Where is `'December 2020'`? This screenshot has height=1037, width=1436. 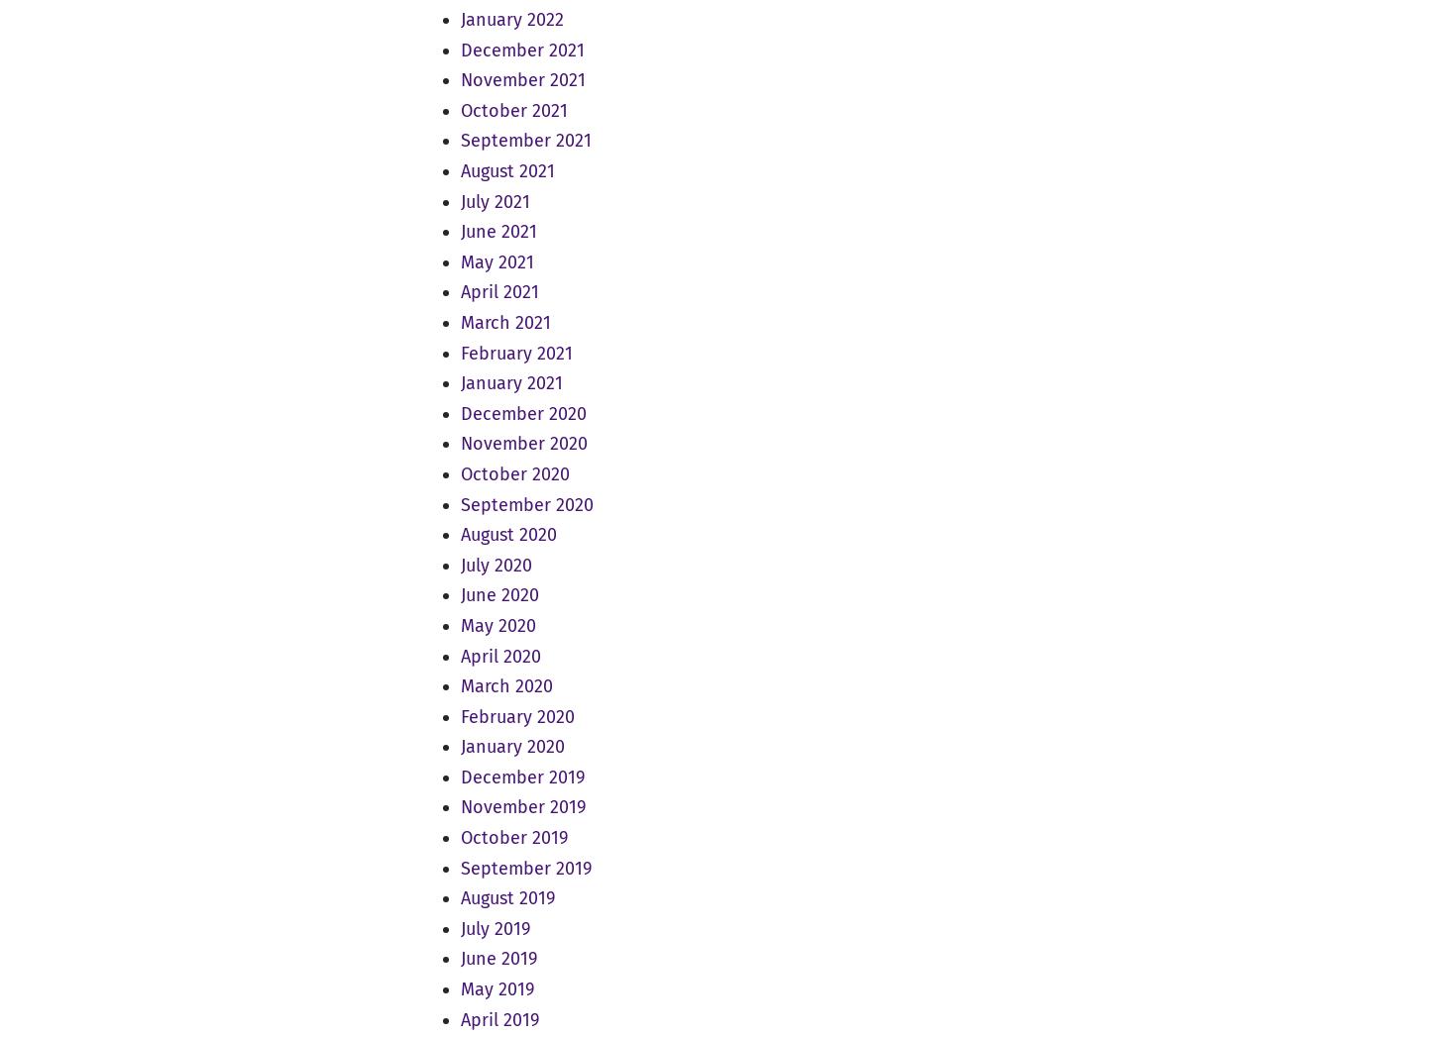 'December 2020' is located at coordinates (521, 412).